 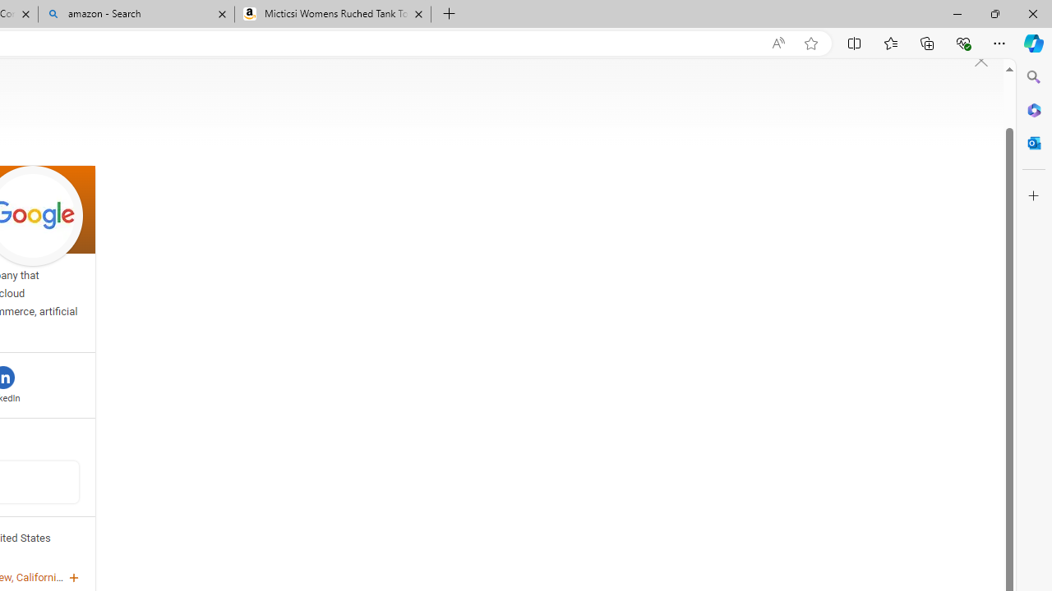 I want to click on 'Outlook', so click(x=1033, y=142).